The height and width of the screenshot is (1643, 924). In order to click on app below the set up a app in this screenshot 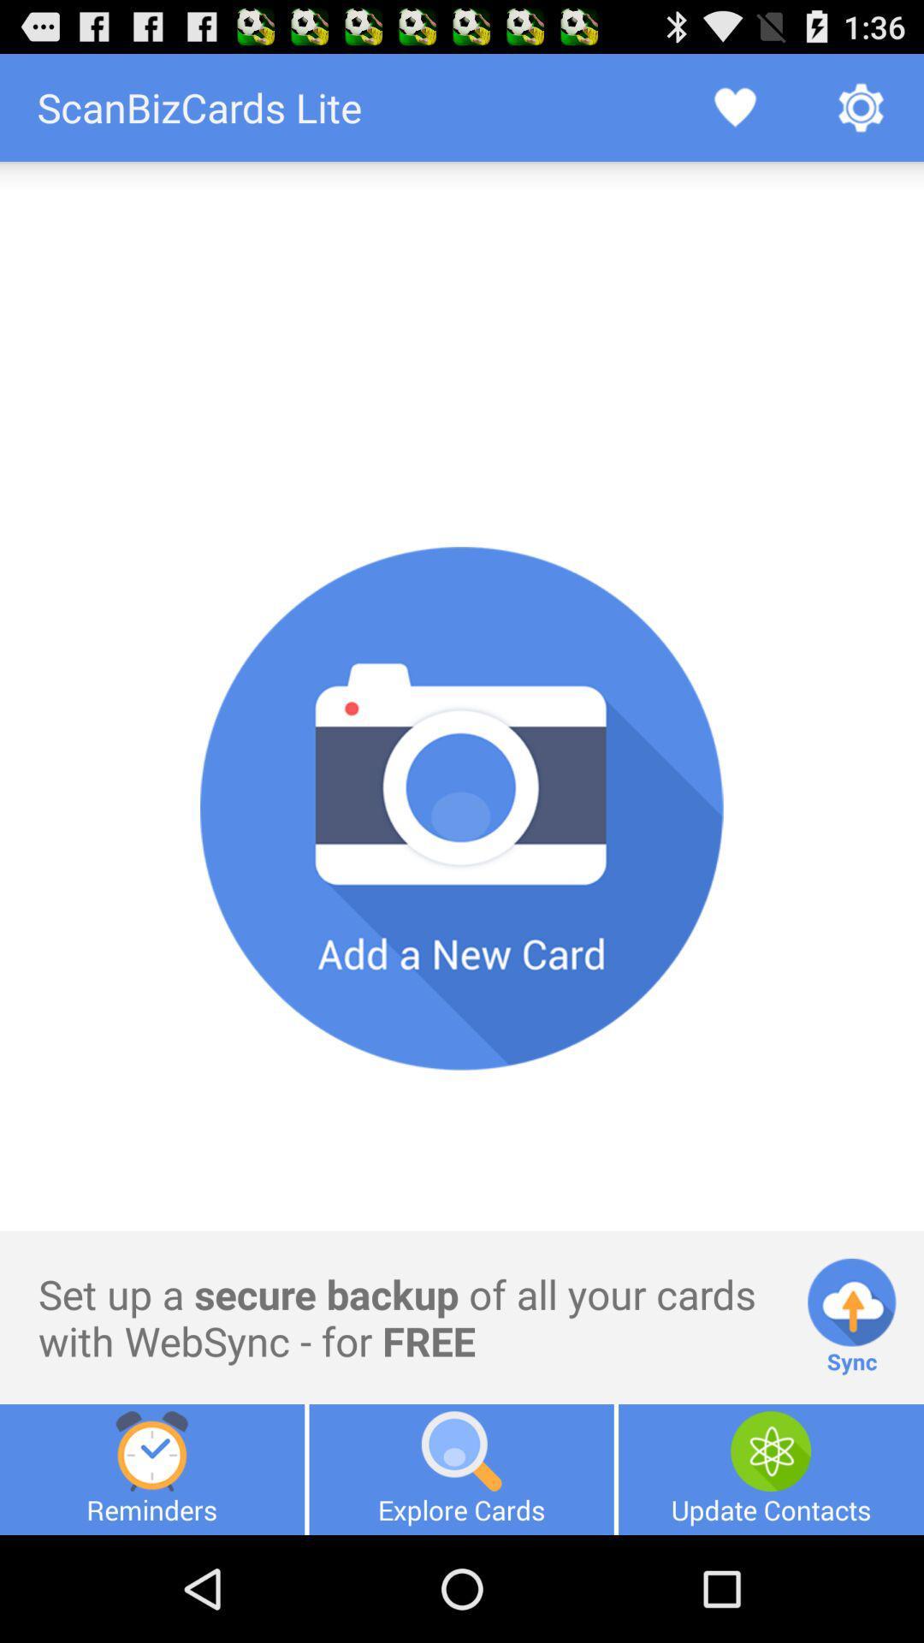, I will do `click(460, 1468)`.